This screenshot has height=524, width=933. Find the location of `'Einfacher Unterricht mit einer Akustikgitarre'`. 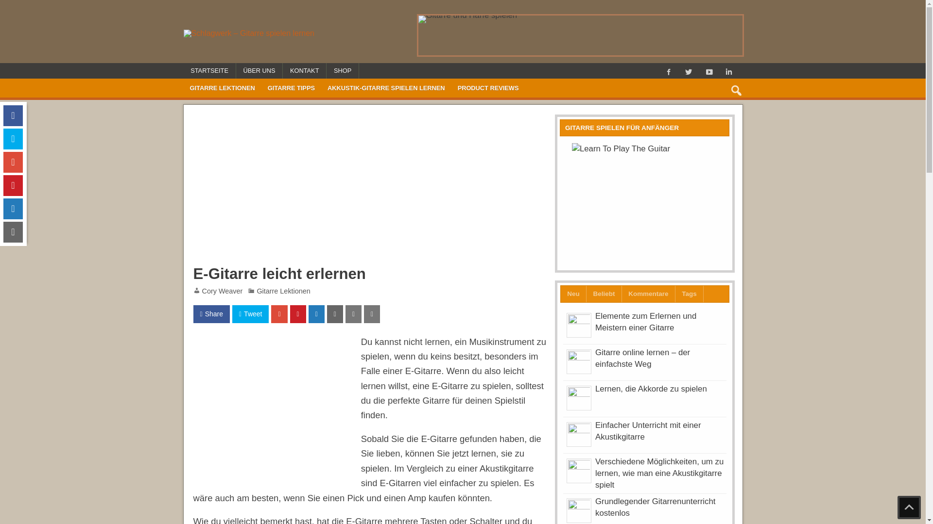

'Einfacher Unterricht mit einer Akustikgitarre' is located at coordinates (648, 430).